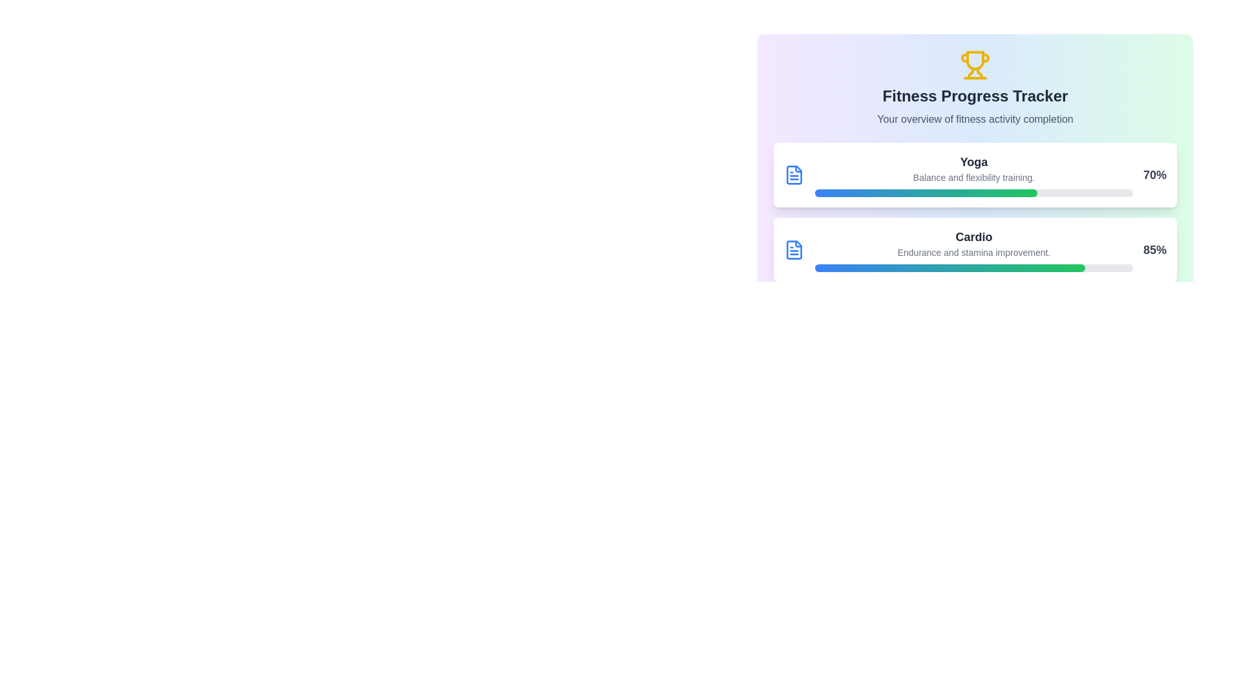 The height and width of the screenshot is (698, 1241). Describe the element at coordinates (975, 249) in the screenshot. I see `the Progress display block for the 'Cardio' fitness activity, which shows an 85% filled progress bar and is located below the 'Yoga' activity in the 'Fitness Progress Tracker' panel` at that location.